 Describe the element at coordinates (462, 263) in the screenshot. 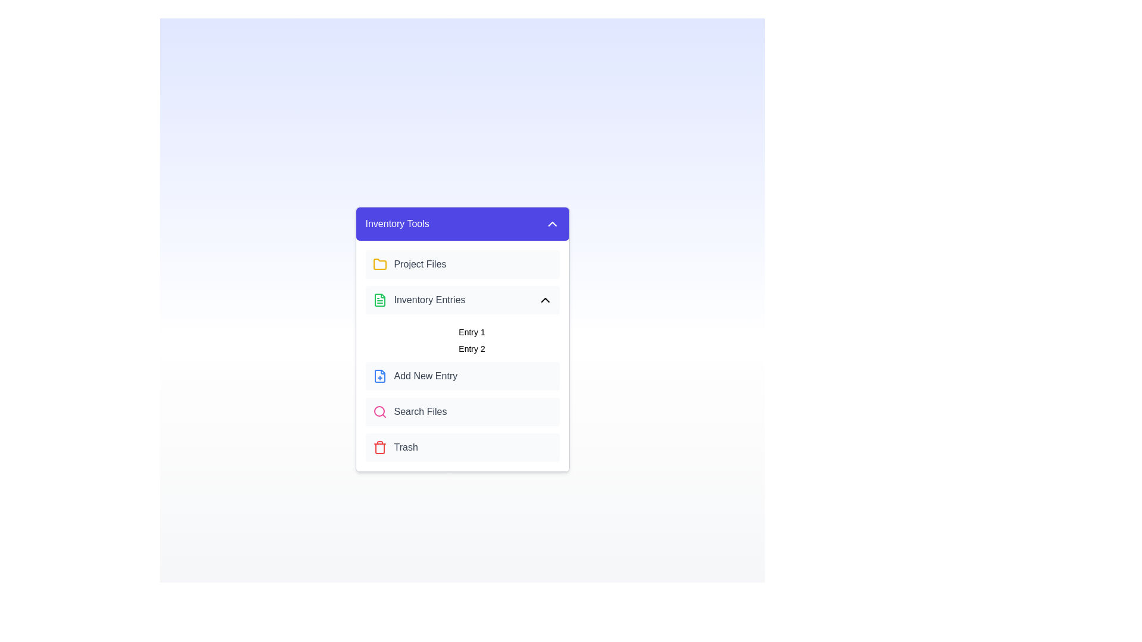

I see `the first button in the 'Inventory Tools' panel` at that location.